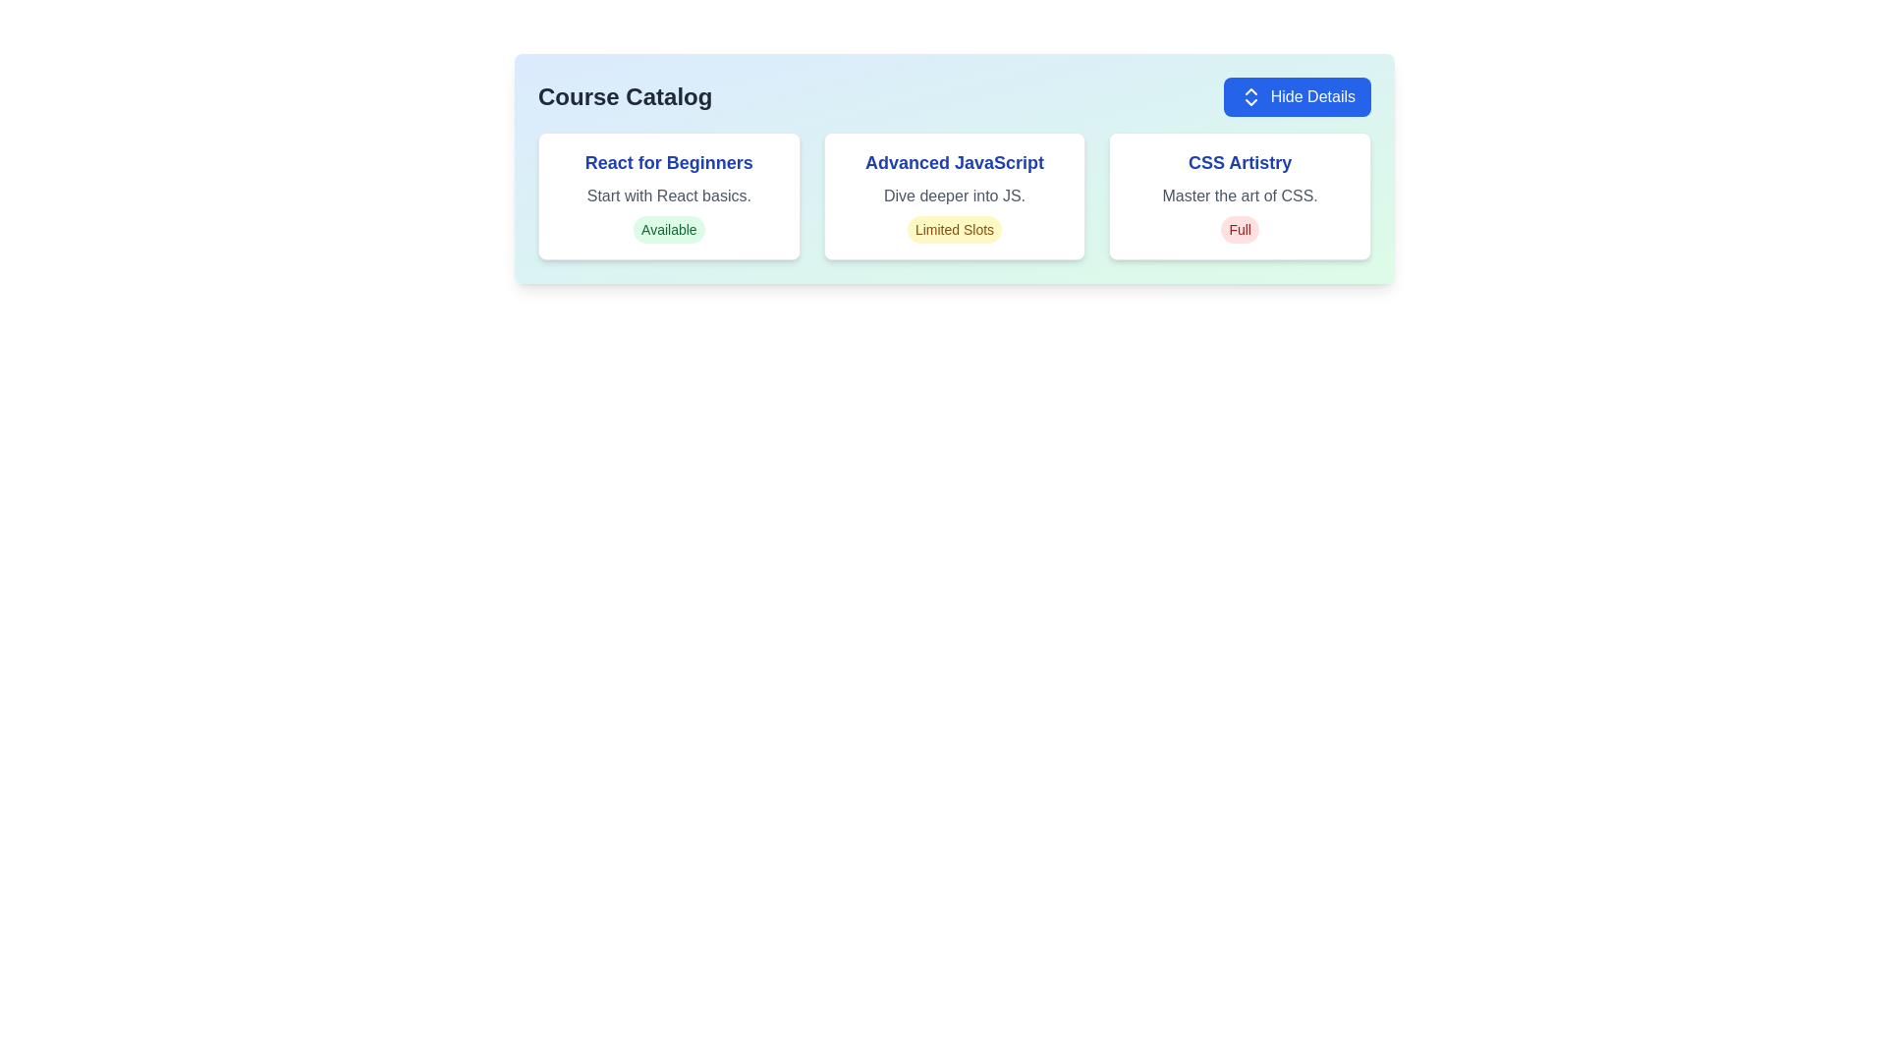 This screenshot has width=1886, height=1061. What do you see at coordinates (1239, 196) in the screenshot?
I see `the text component reading 'Master the art of CSS.' which is styled in light gray and located within the card for 'CSS Artistry', situated below the title 'CSS Artistry'` at bounding box center [1239, 196].